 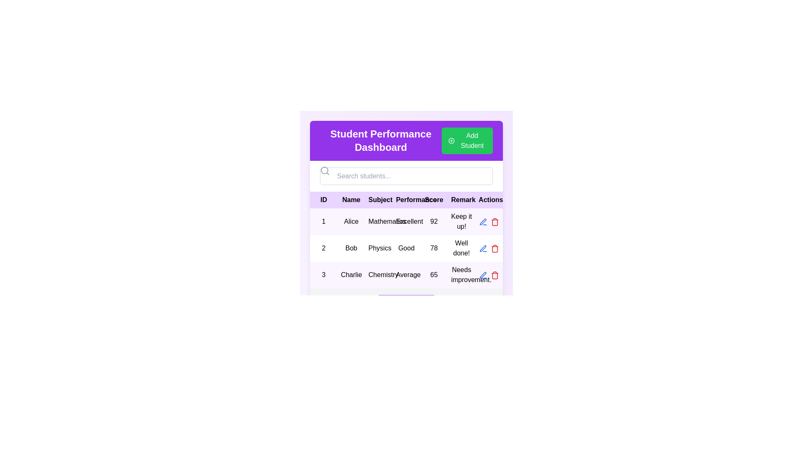 What do you see at coordinates (323, 221) in the screenshot?
I see `the text display element that represents the ID of the first student, Alice, in the list` at bounding box center [323, 221].